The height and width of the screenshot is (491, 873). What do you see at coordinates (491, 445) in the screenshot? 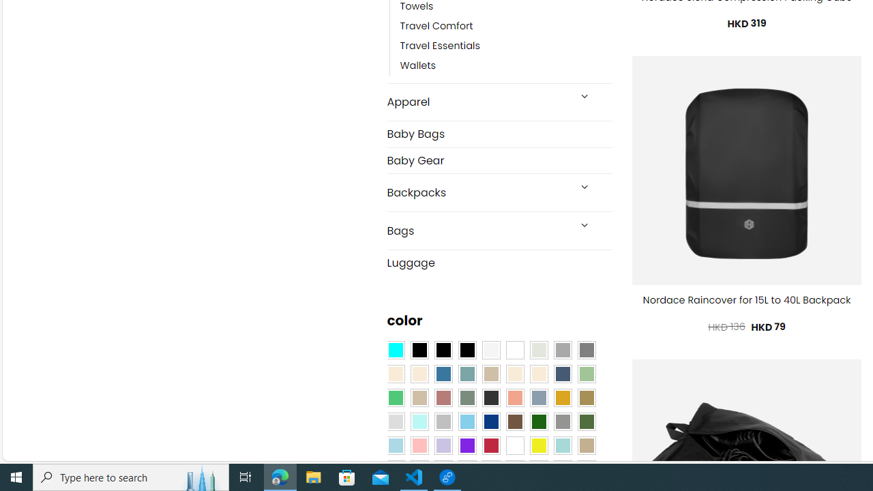
I see `'Red'` at bounding box center [491, 445].